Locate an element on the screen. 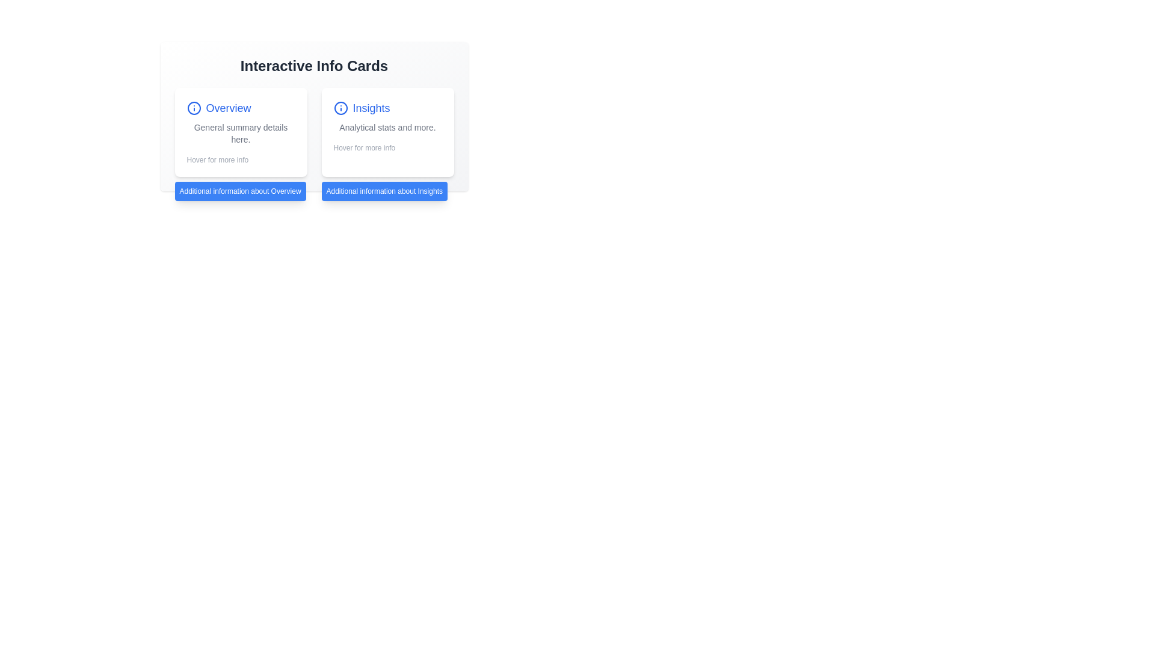 The width and height of the screenshot is (1155, 650). the second card in the grid layout that presents insights-related information is located at coordinates (387, 132).